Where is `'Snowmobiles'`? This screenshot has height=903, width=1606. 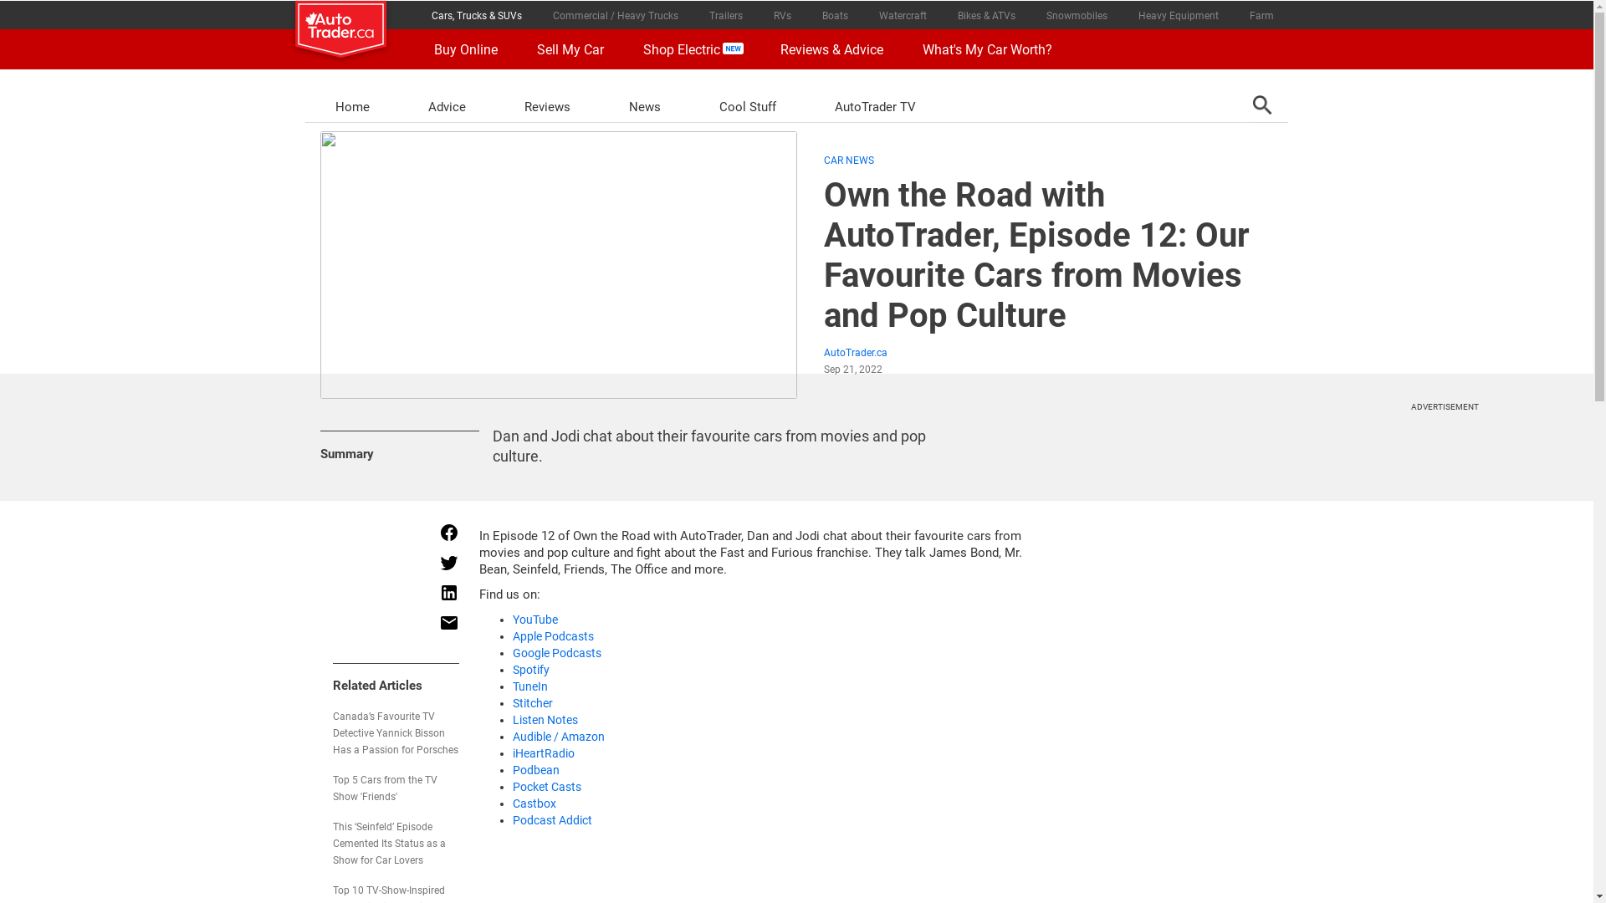
'Snowmobiles' is located at coordinates (1030, 15).